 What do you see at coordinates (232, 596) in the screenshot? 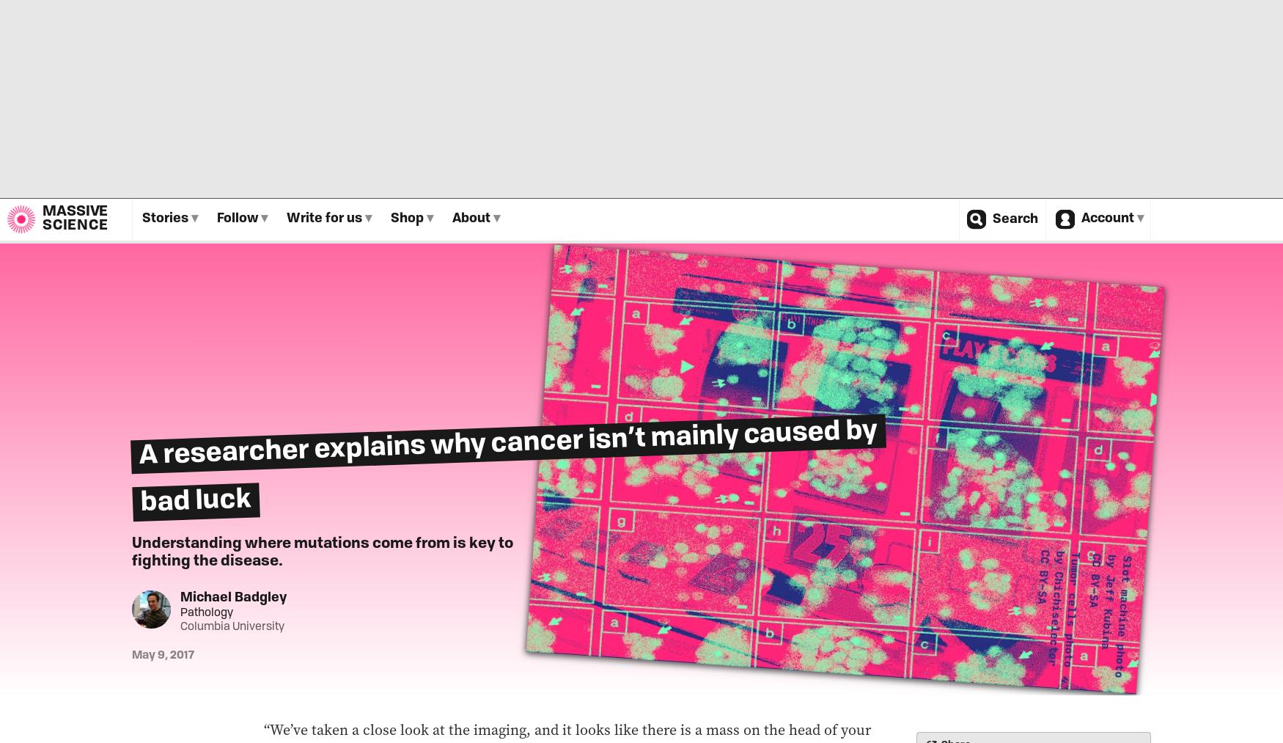
I see `'Michael Badgley'` at bounding box center [232, 596].